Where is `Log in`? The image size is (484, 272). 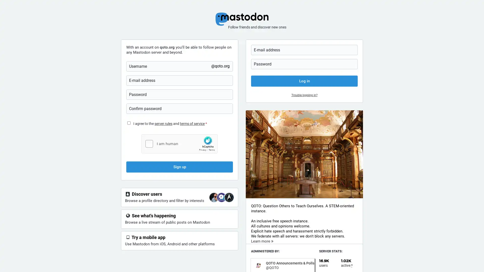
Log in is located at coordinates (304, 81).